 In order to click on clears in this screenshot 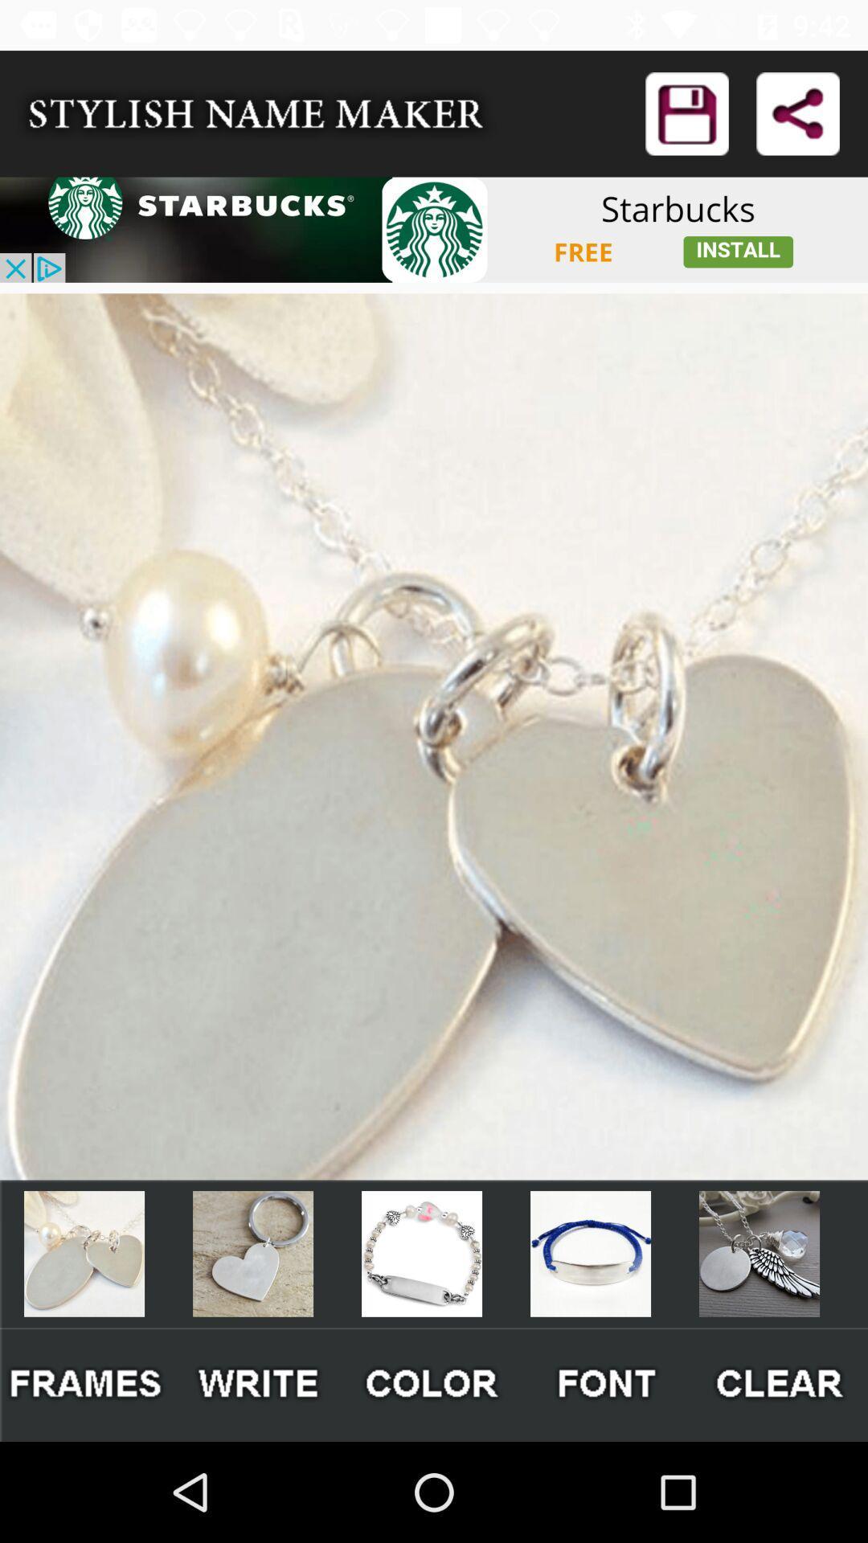, I will do `click(780, 1384)`.